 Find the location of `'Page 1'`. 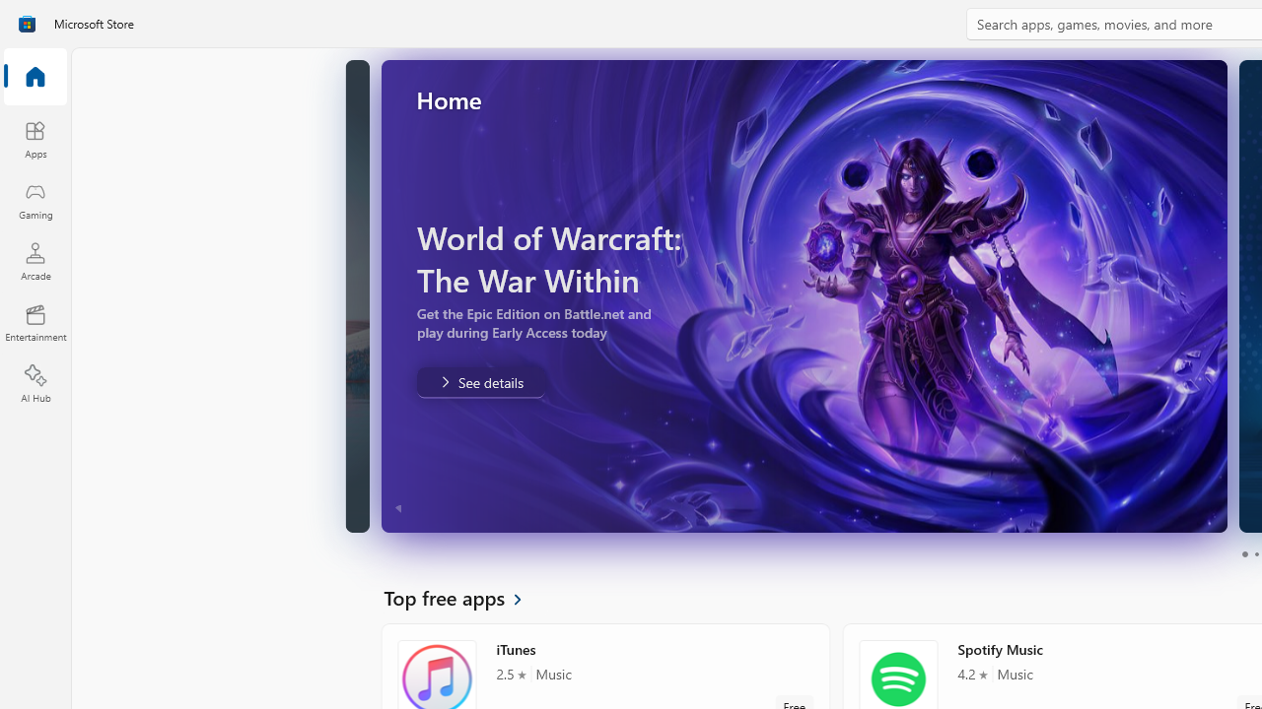

'Page 1' is located at coordinates (1243, 554).